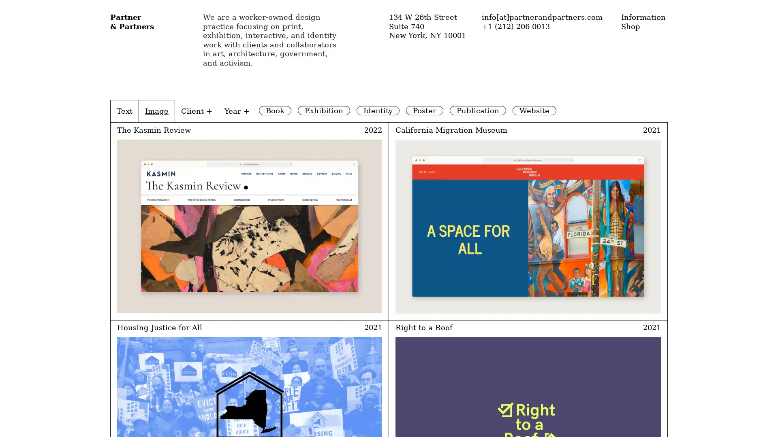 The image size is (778, 437). What do you see at coordinates (237, 110) in the screenshot?
I see `Year +` at bounding box center [237, 110].